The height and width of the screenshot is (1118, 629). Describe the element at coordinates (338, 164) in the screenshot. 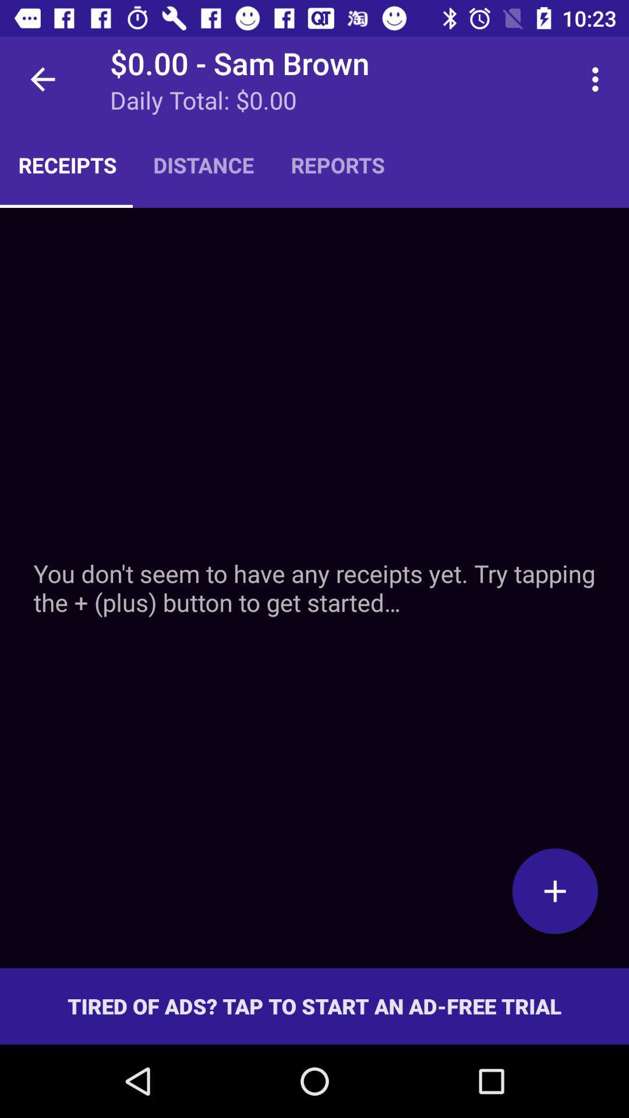

I see `item below daily total 0 icon` at that location.